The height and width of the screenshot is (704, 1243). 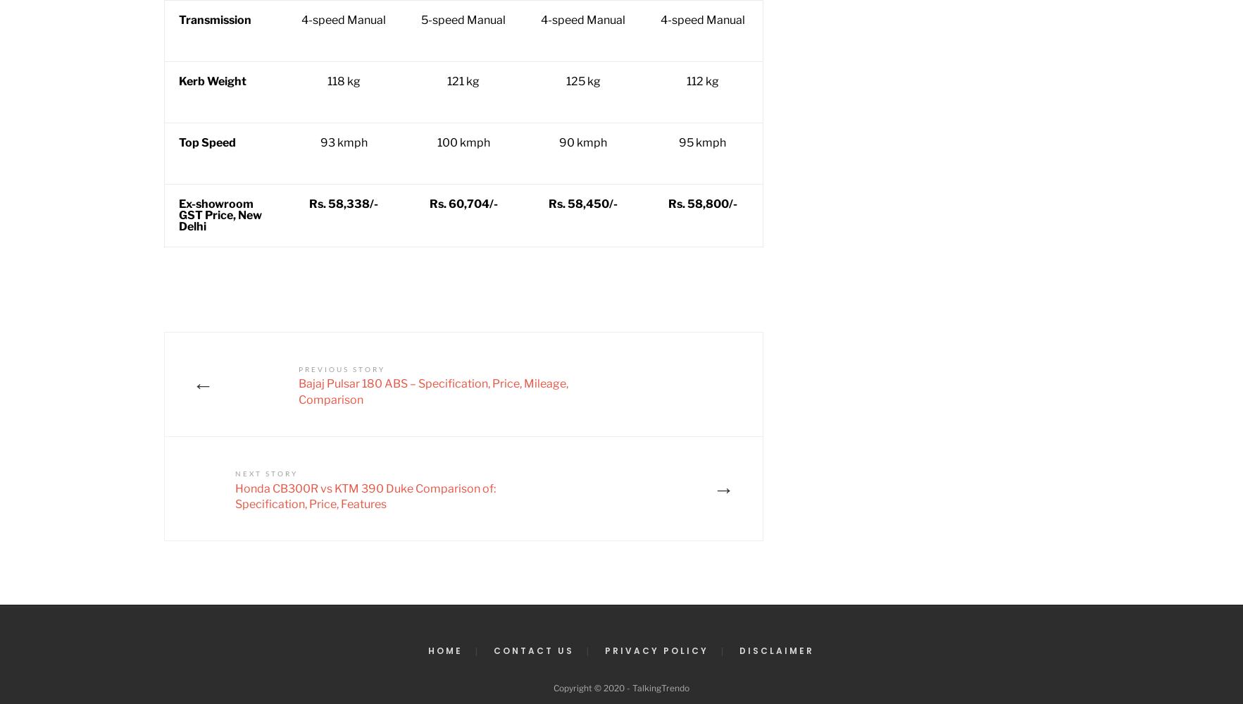 I want to click on '112 kg', so click(x=702, y=81).